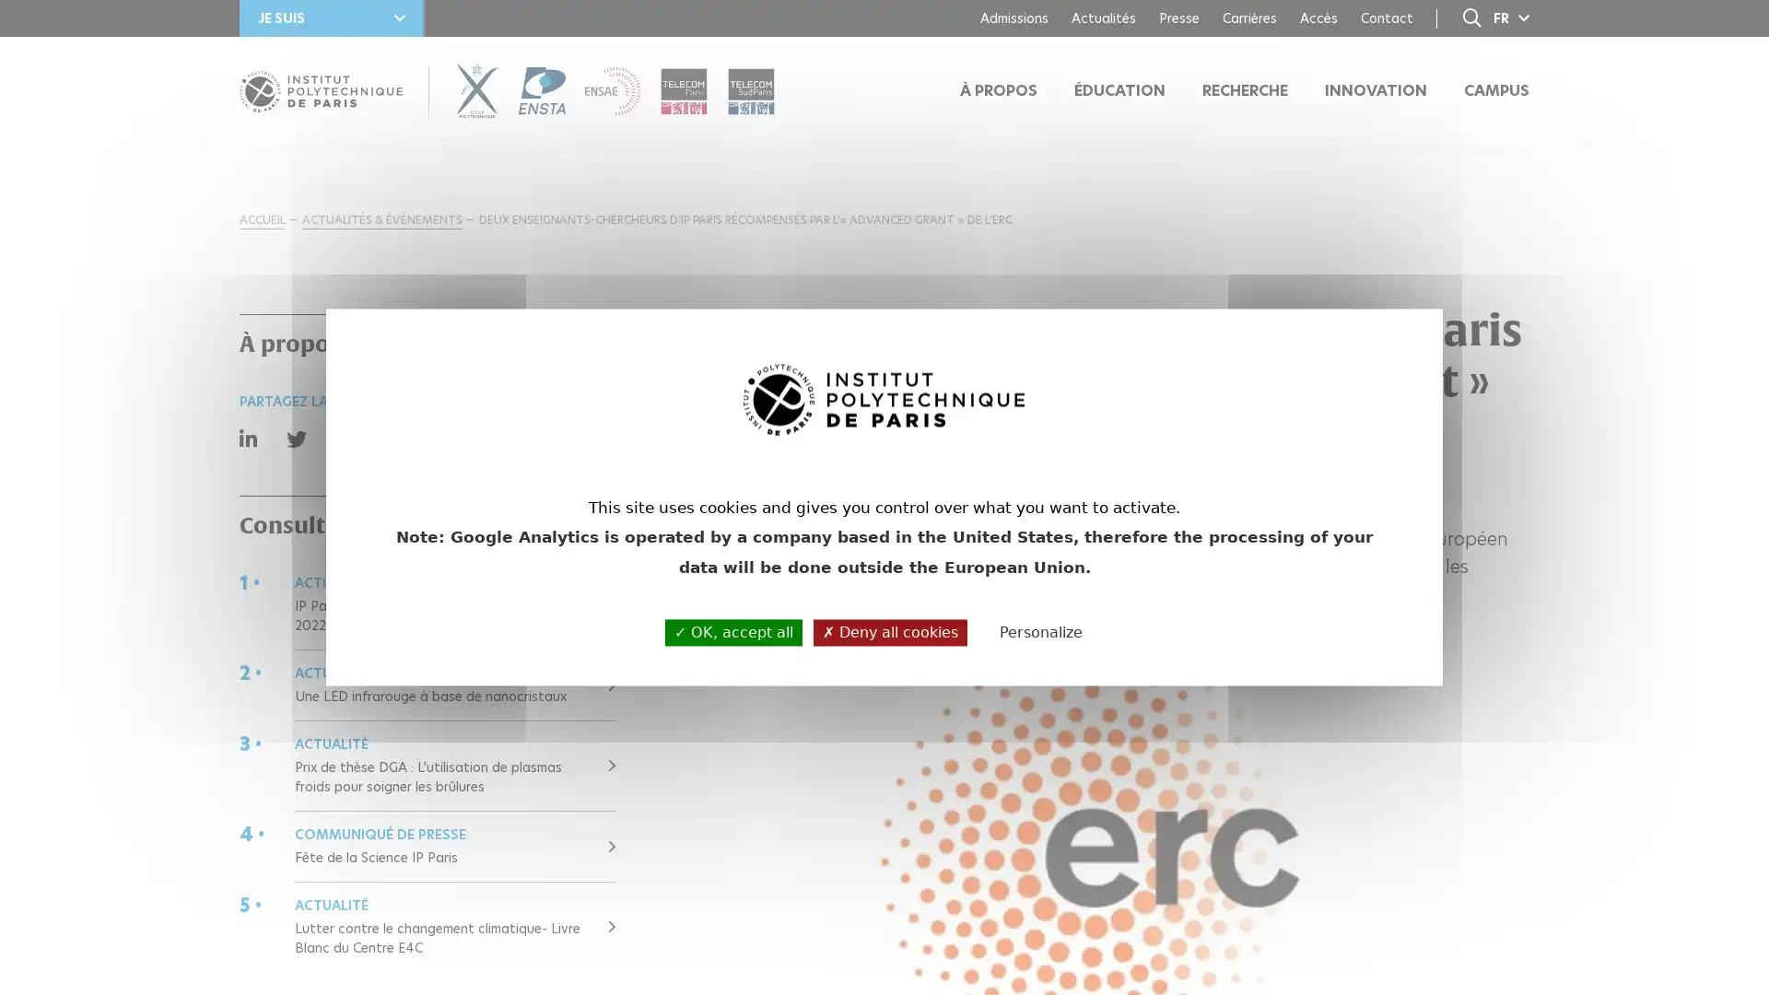 The width and height of the screenshot is (1769, 995). What do you see at coordinates (1040, 632) in the screenshot?
I see `Personalize` at bounding box center [1040, 632].